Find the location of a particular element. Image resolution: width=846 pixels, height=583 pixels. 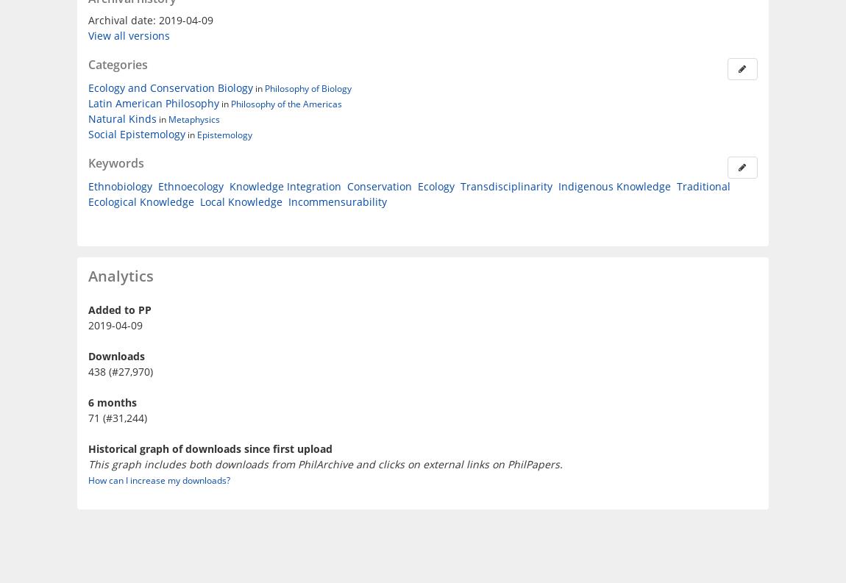

'This graph includes both downloads from PhilArchive and clicks on external links on PhilPapers.' is located at coordinates (325, 463).